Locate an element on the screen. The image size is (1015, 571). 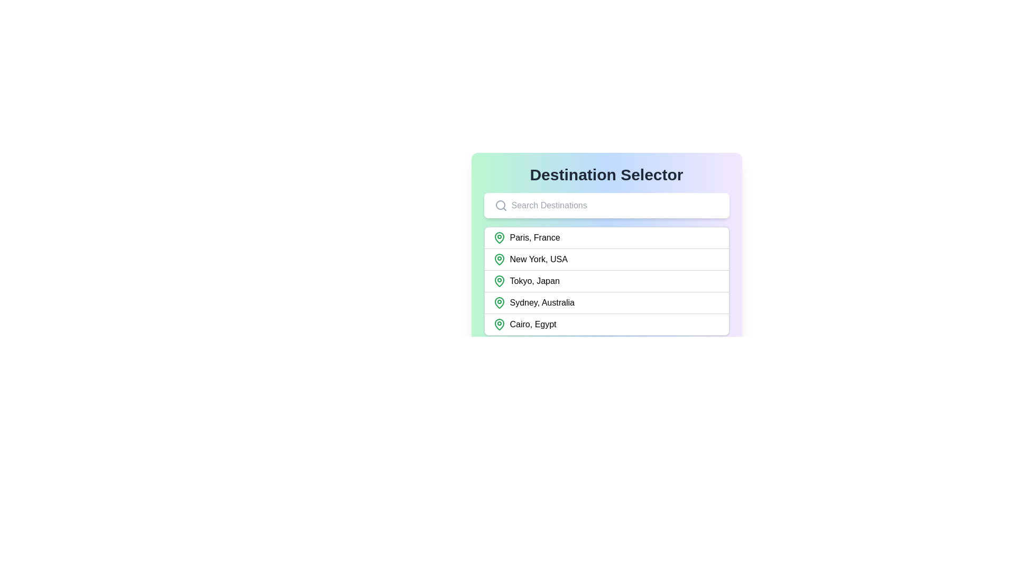
the geographical location icon located to the left of the text 'New York, USA' in the second row of the destination list as a visual indicator is located at coordinates (499, 259).